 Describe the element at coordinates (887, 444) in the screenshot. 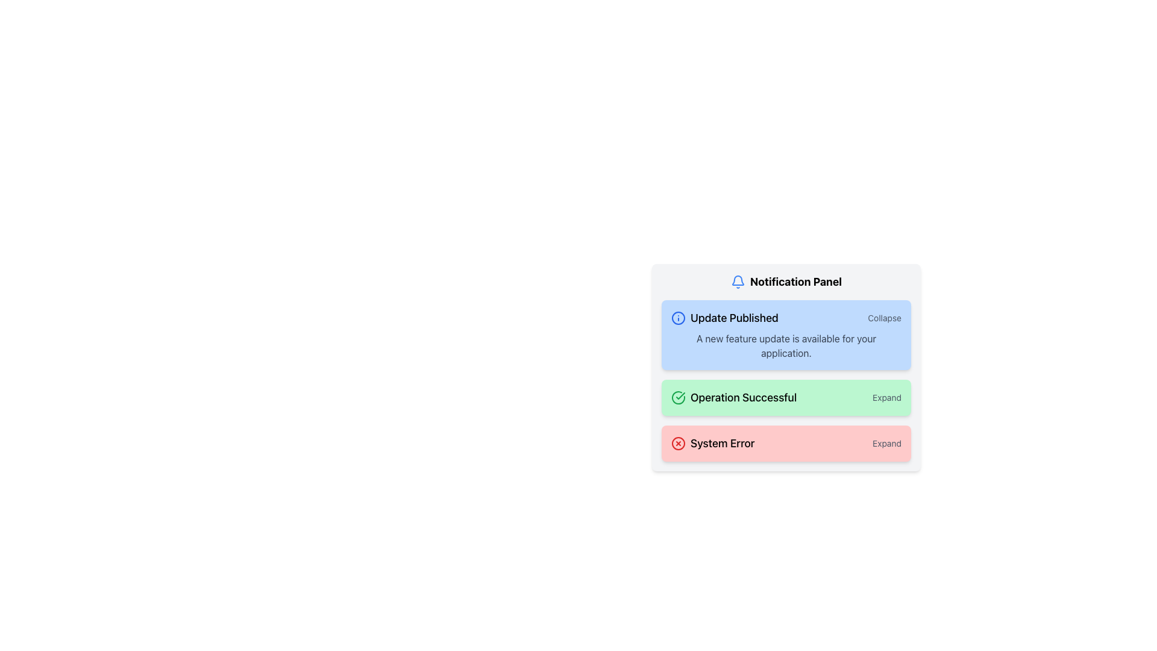

I see `the interactive link located at the top-right corner of the 'System Error' notification block to enable accessibility navigation` at that location.